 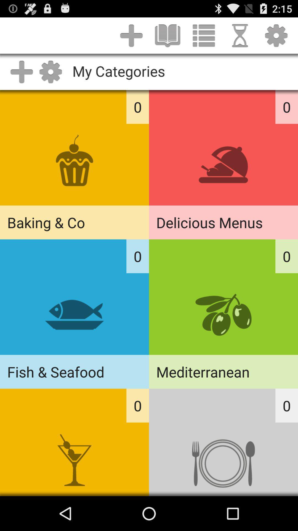 I want to click on the book icon, so click(x=167, y=38).